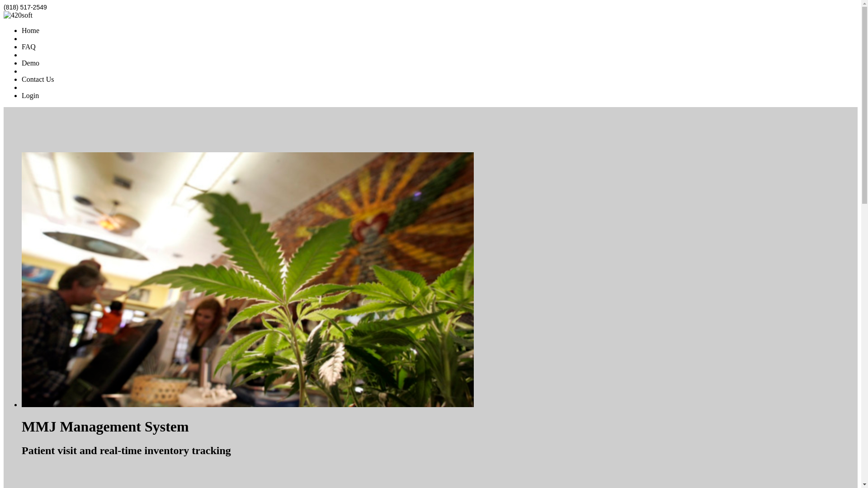 This screenshot has height=488, width=868. What do you see at coordinates (28, 47) in the screenshot?
I see `'FAQ'` at bounding box center [28, 47].